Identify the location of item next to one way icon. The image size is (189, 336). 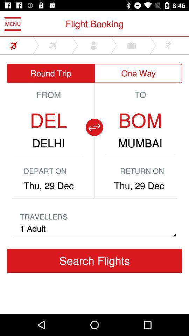
(50, 73).